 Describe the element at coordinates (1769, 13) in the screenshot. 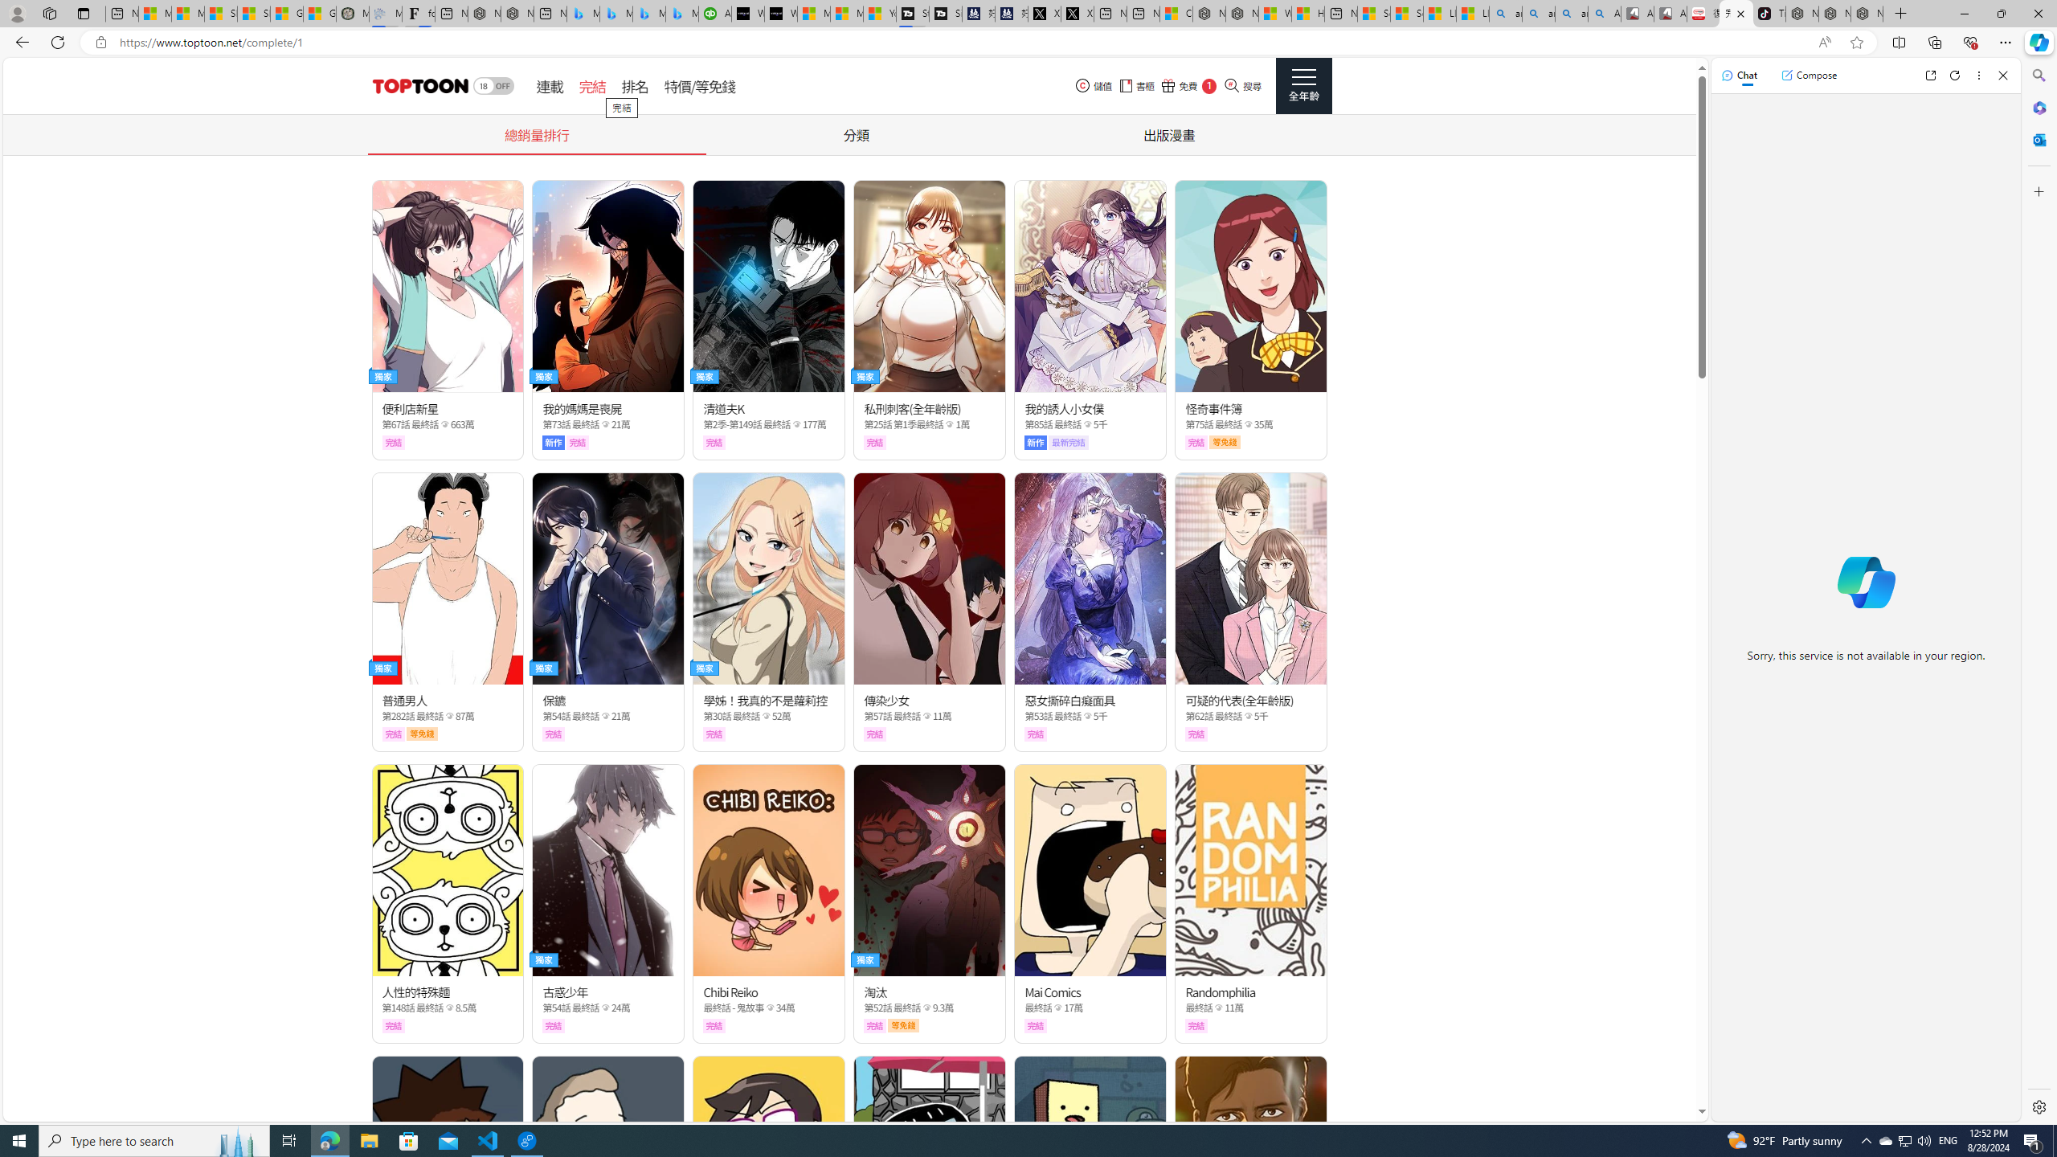

I see `'TikTok'` at that location.